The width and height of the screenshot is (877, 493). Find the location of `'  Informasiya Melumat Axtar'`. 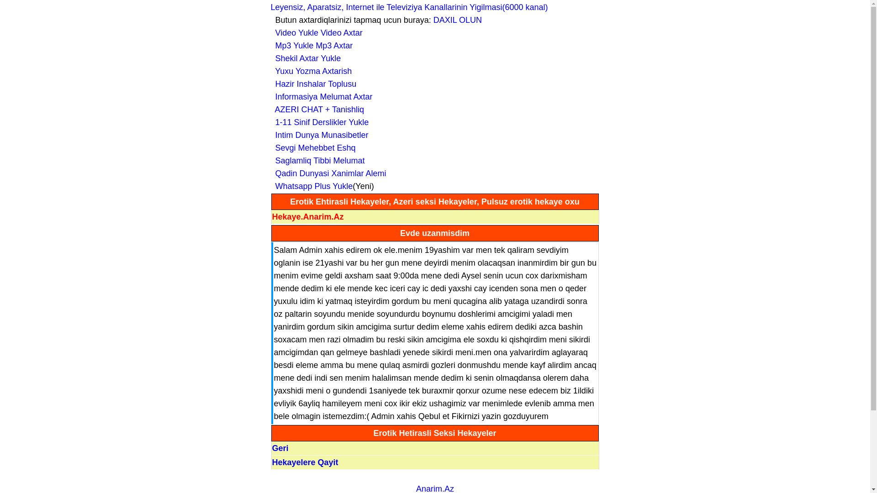

'  Informasiya Melumat Axtar' is located at coordinates (321, 97).